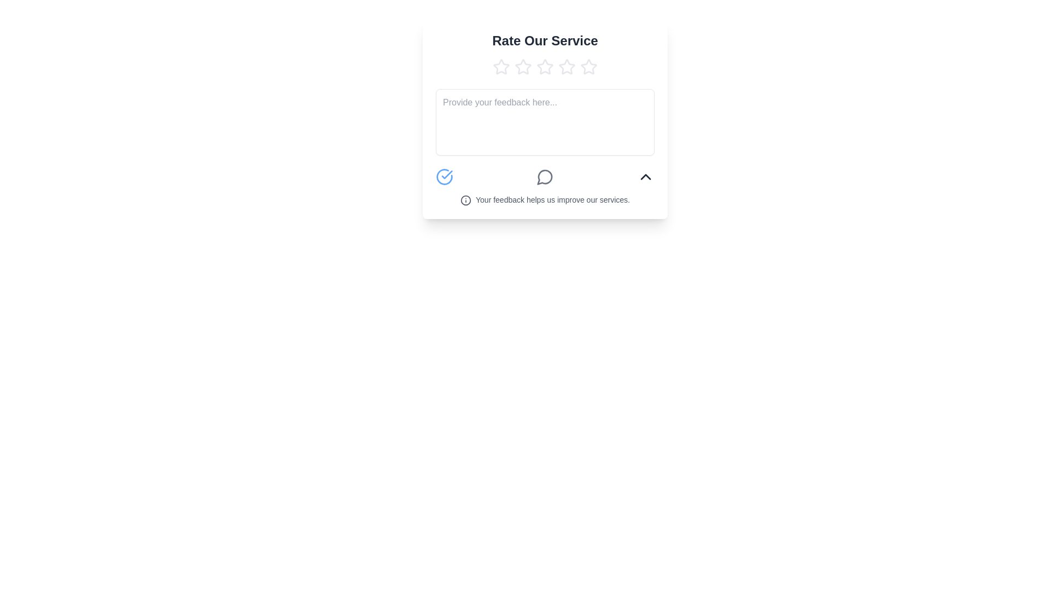 The height and width of the screenshot is (590, 1050). I want to click on the circular information icon, which is styled with a gray stroke and located to the left of the text in the 'Your feedback helps us improve our services.' section, so click(466, 200).